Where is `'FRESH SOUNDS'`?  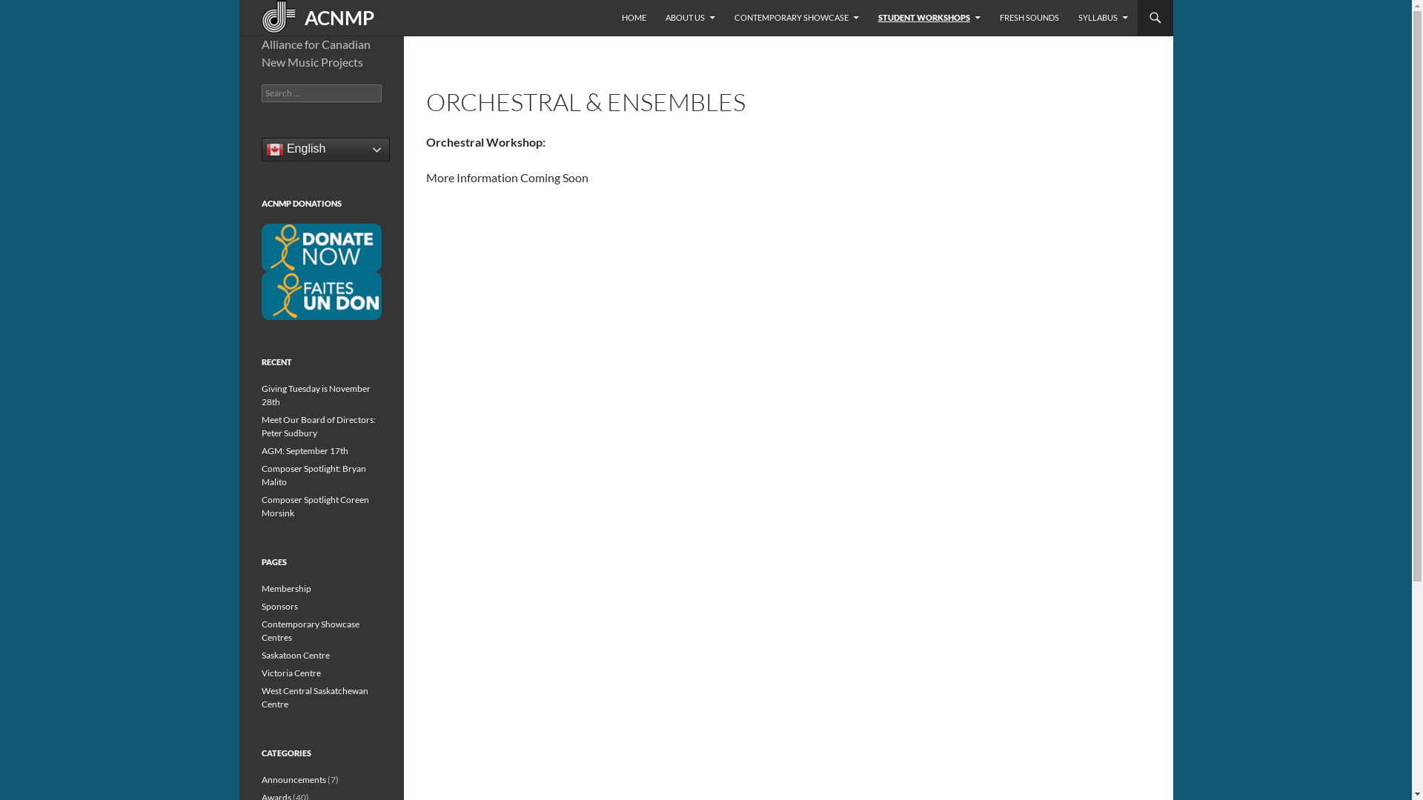
'FRESH SOUNDS' is located at coordinates (1027, 17).